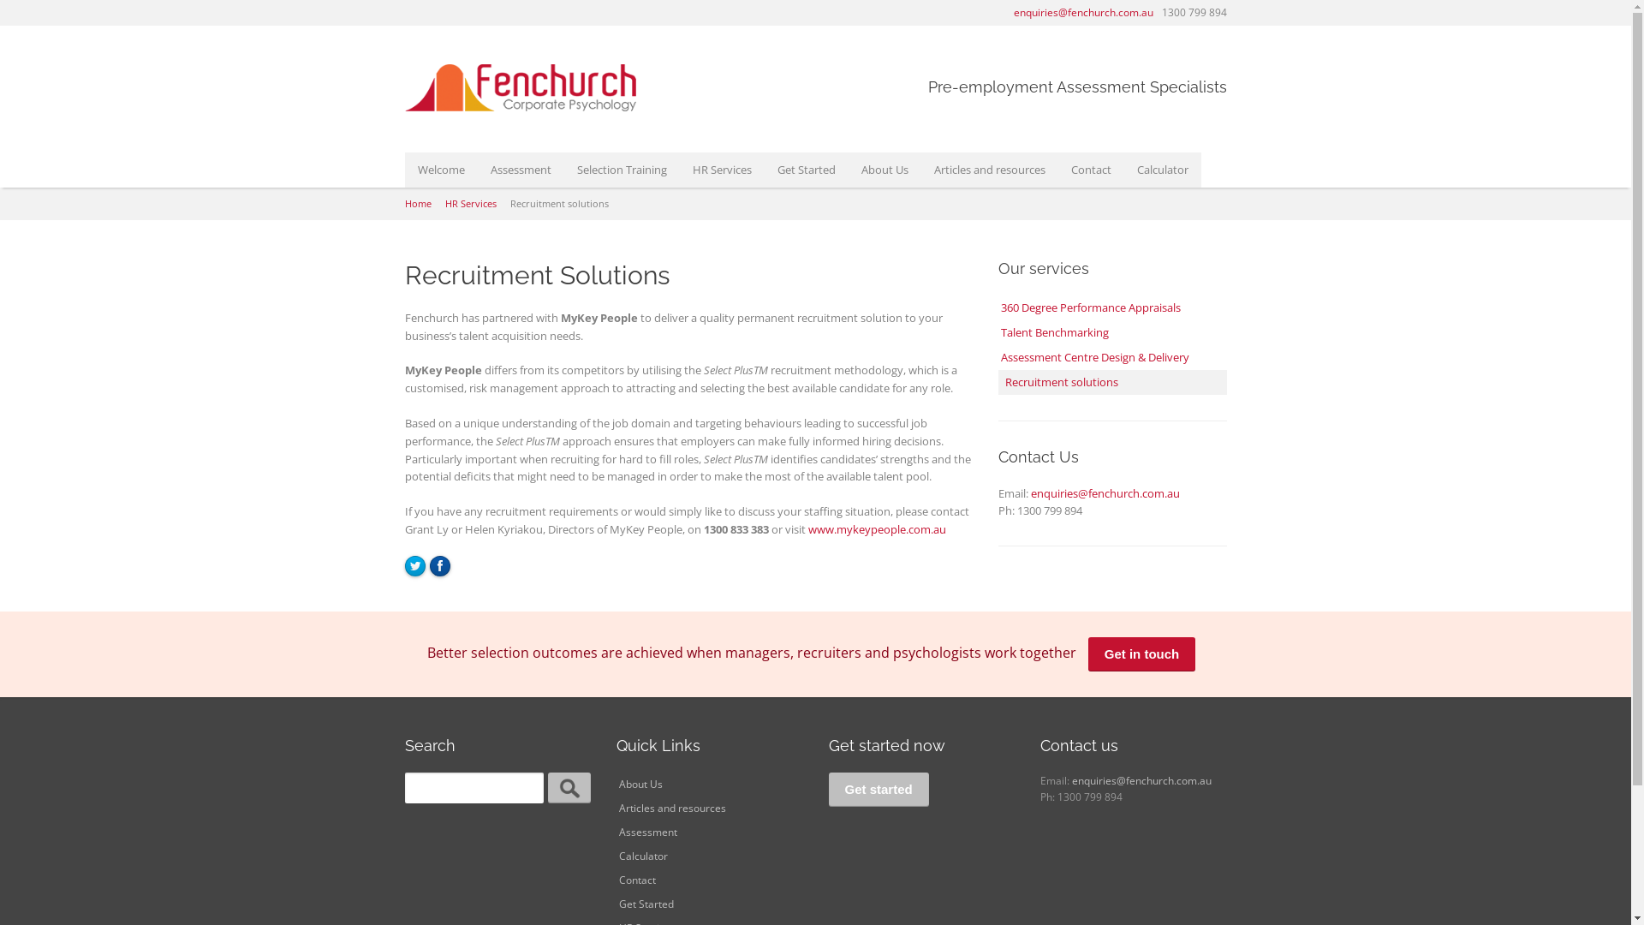  Describe the element at coordinates (1090, 170) in the screenshot. I see `'Contact'` at that location.